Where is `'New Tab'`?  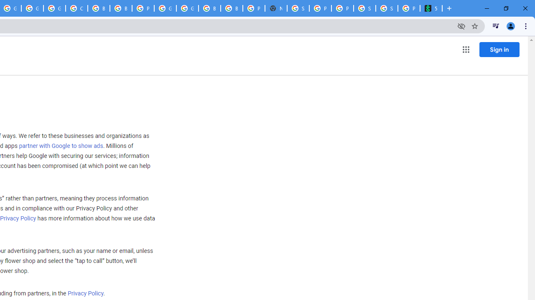 'New Tab' is located at coordinates (276, 8).